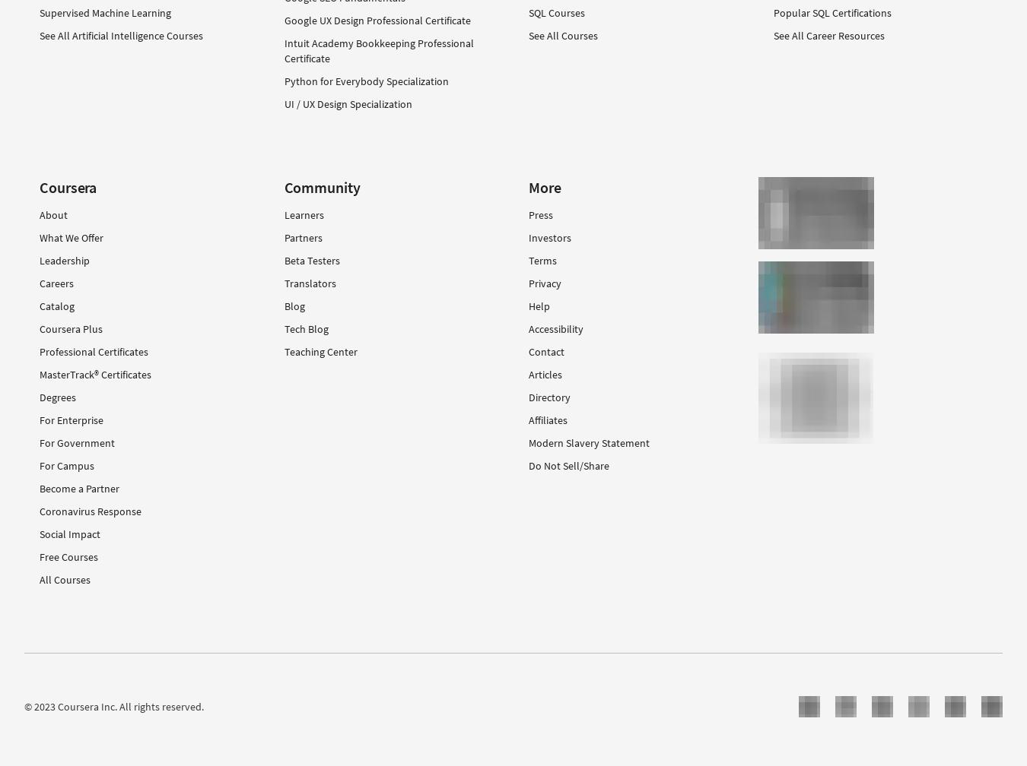  Describe the element at coordinates (555, 328) in the screenshot. I see `'Accessibility'` at that location.